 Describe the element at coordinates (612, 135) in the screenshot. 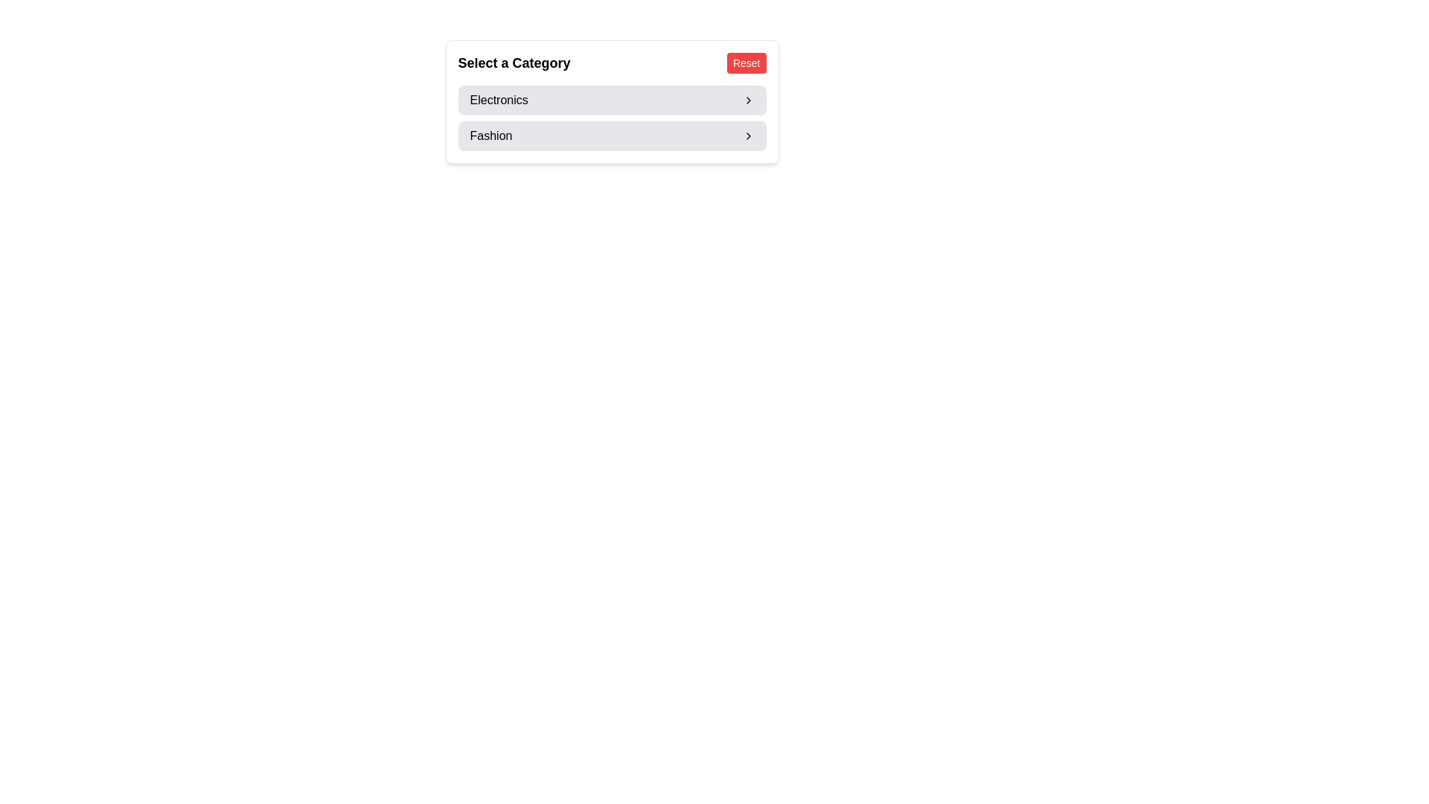

I see `the 'Fashion' category button` at that location.